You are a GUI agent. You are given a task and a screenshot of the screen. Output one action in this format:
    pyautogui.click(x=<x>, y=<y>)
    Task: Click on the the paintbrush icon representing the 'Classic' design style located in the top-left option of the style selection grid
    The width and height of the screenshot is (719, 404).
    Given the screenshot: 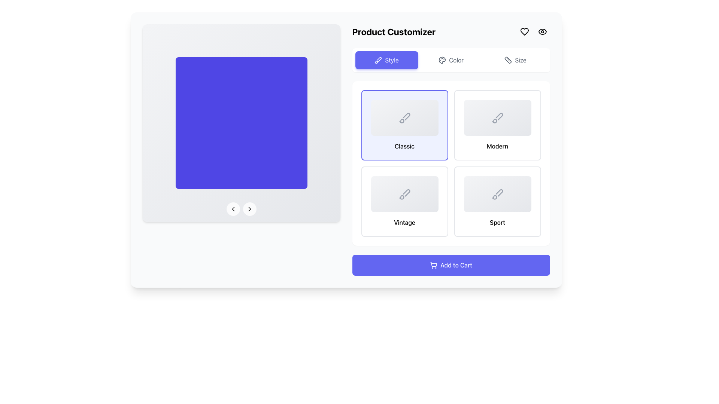 What is the action you would take?
    pyautogui.click(x=404, y=118)
    